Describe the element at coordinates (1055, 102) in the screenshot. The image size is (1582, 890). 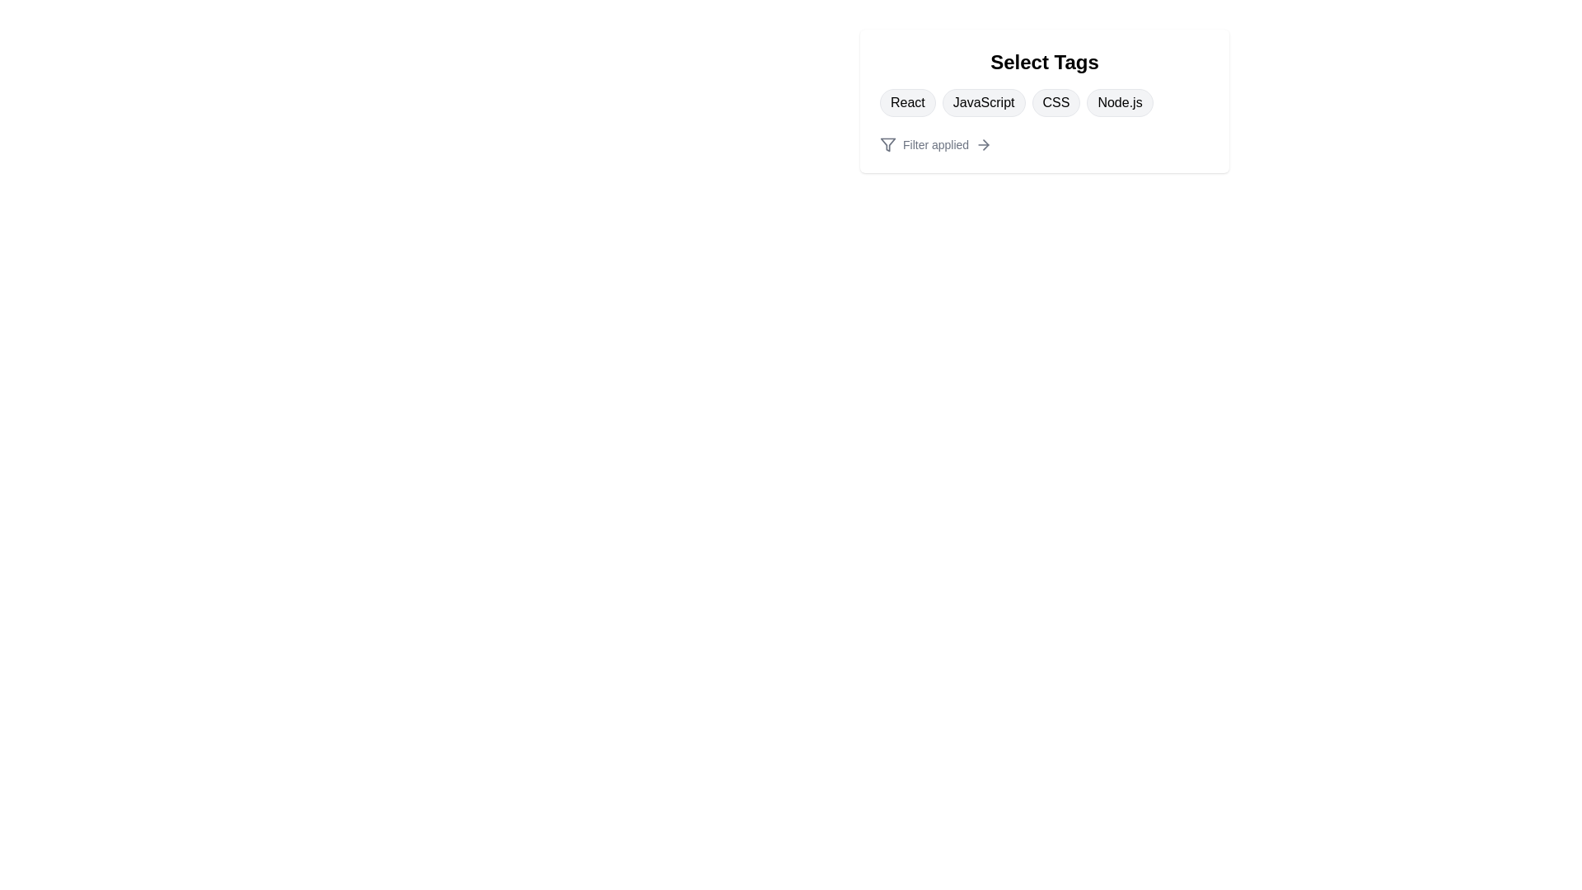
I see `the Pill-shaped interactive tag button labeled 'CSS'` at that location.